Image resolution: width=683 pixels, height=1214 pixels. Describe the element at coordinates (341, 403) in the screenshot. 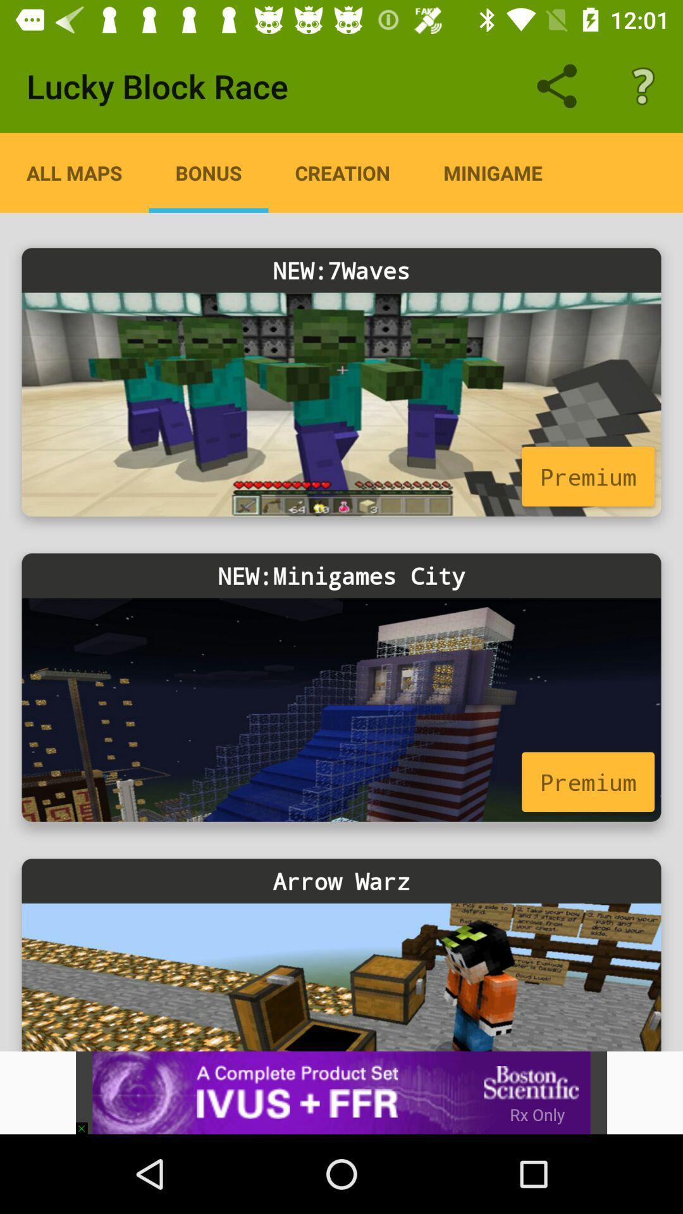

I see `choose game 7waves` at that location.